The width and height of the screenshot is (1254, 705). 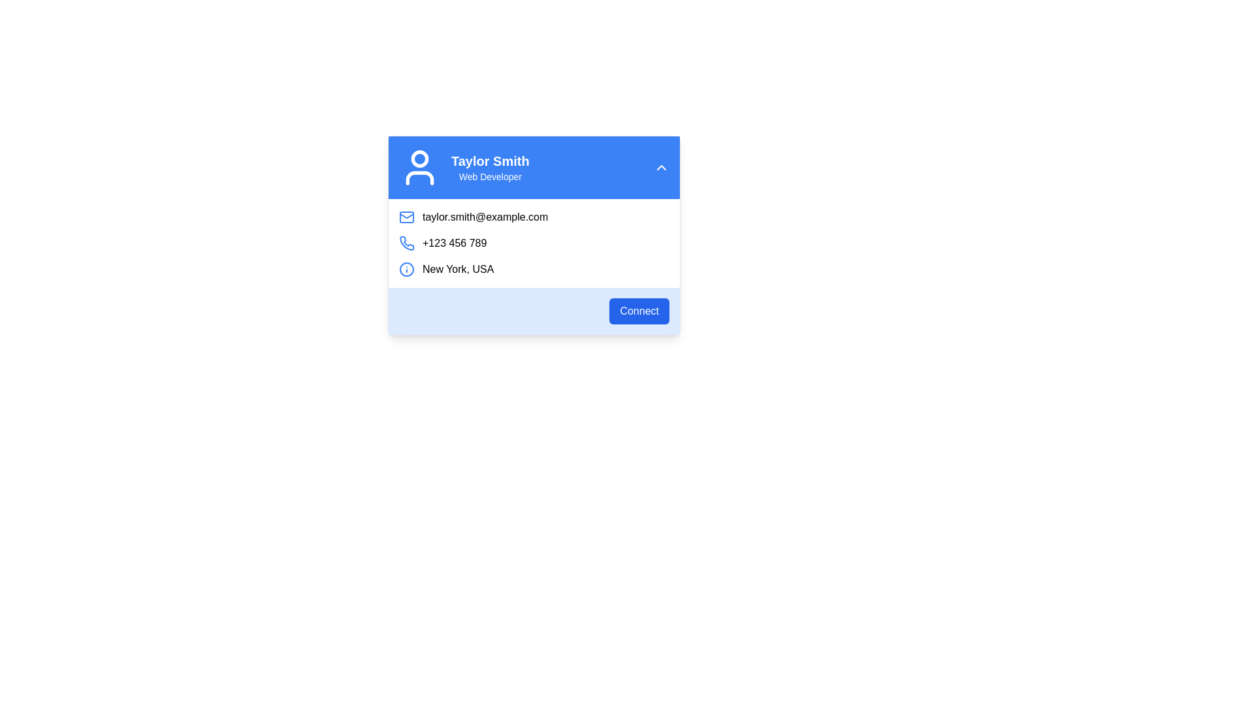 I want to click on the user silhouette icon displayed in white on a blue square background, located in the top-left corner of the card containing contact information for 'Taylor Smith', a Web Developer, so click(x=420, y=167).